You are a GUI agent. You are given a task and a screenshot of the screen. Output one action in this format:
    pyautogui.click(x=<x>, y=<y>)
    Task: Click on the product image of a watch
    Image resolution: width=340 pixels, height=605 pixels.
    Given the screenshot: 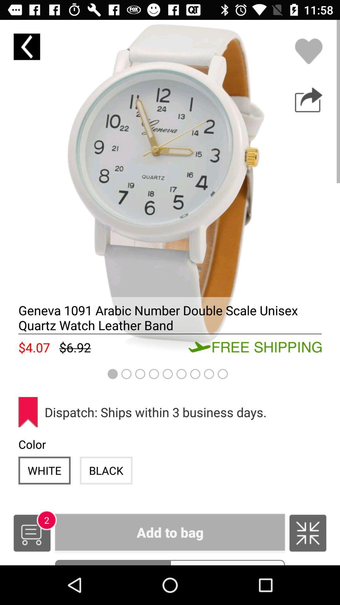 What is the action you would take?
    pyautogui.click(x=170, y=190)
    